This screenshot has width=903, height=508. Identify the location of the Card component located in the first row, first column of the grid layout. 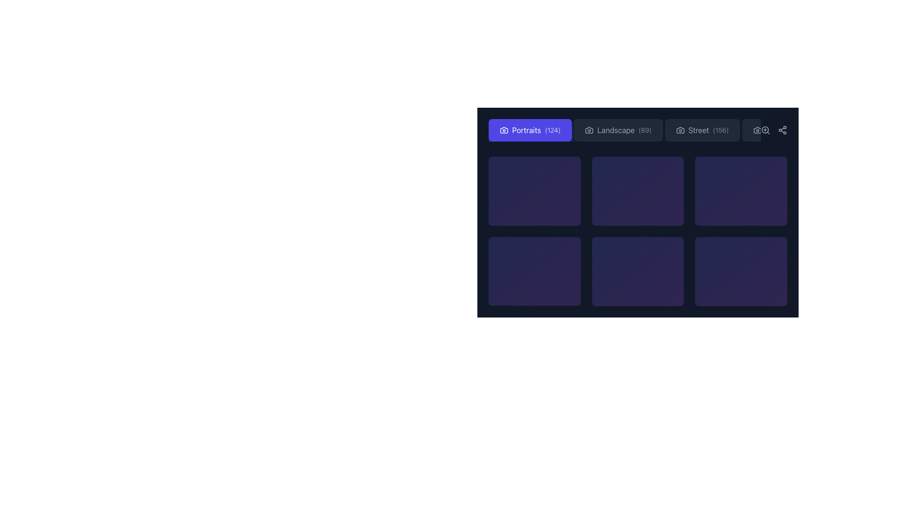
(534, 190).